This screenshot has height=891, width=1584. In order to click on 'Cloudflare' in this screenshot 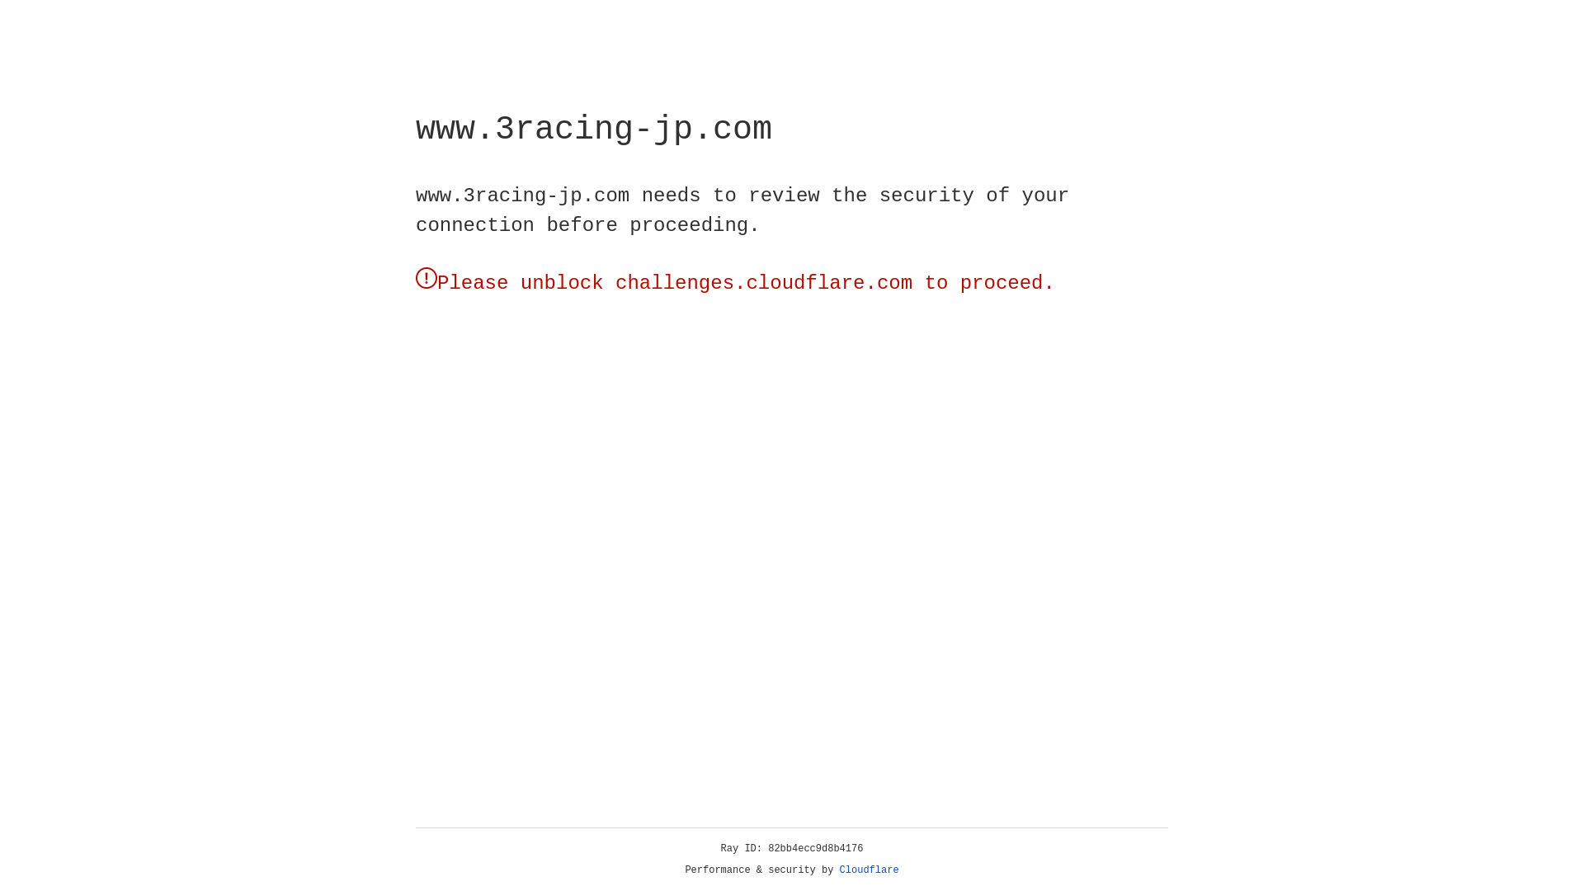, I will do `click(839, 870)`.